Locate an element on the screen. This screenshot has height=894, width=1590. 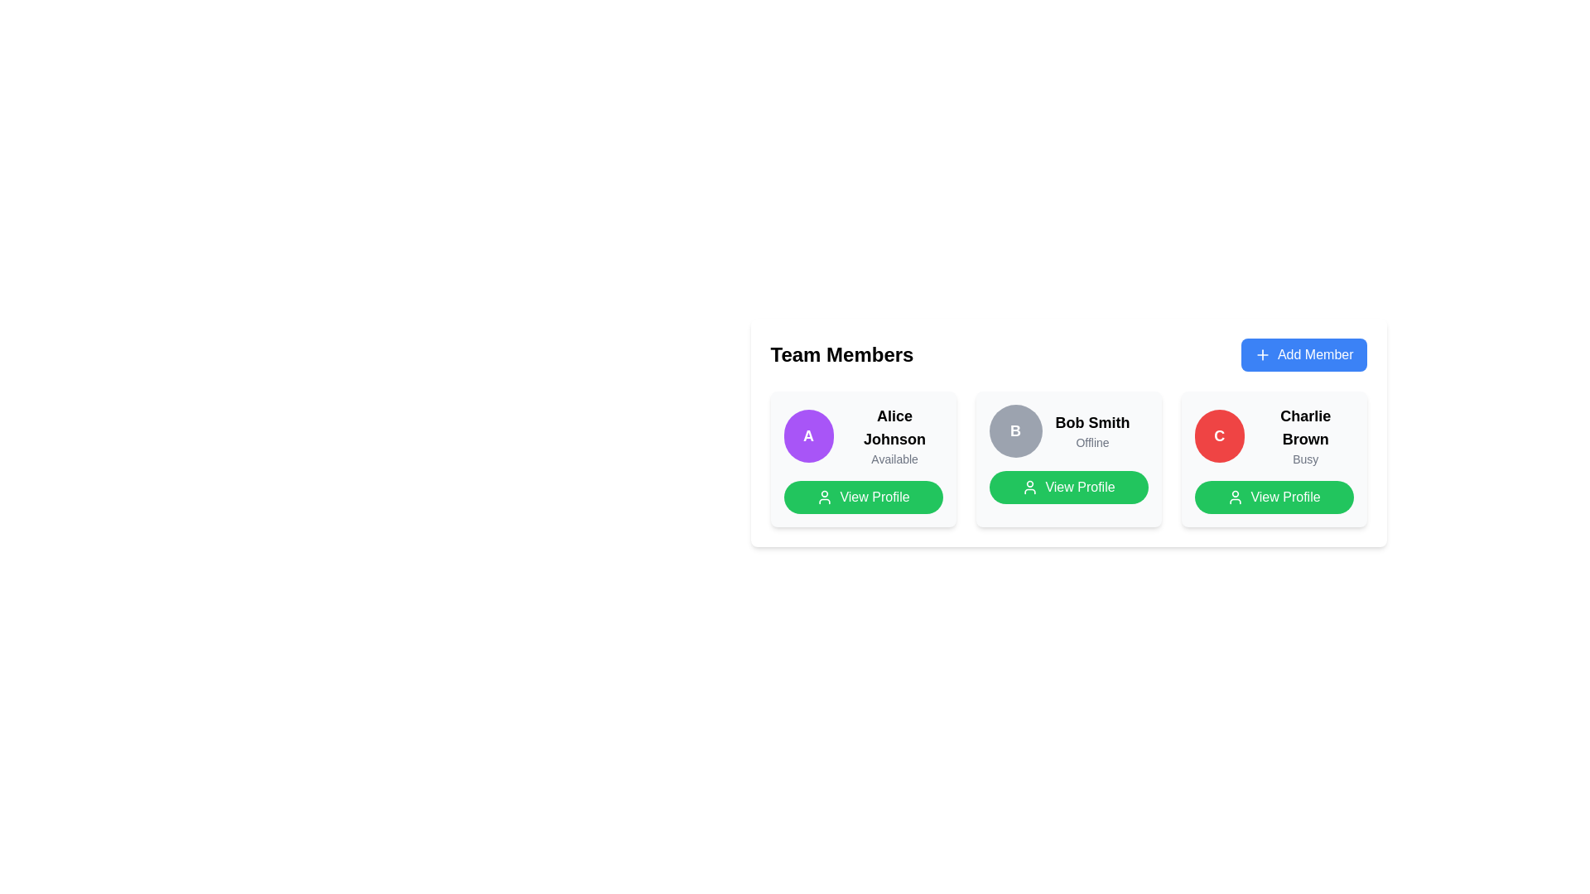
the circular button with a red background and a white letter 'C' for the profile image of 'Charlie Brown' located on the rightmost profile card in the grid layout is located at coordinates (1219, 435).